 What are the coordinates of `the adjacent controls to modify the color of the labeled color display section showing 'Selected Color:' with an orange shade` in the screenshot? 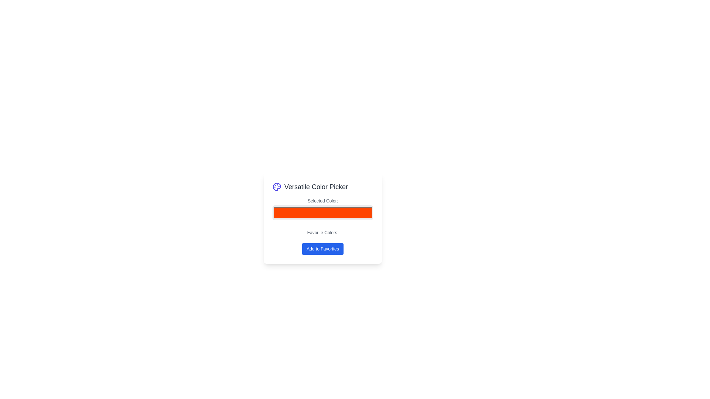 It's located at (323, 209).